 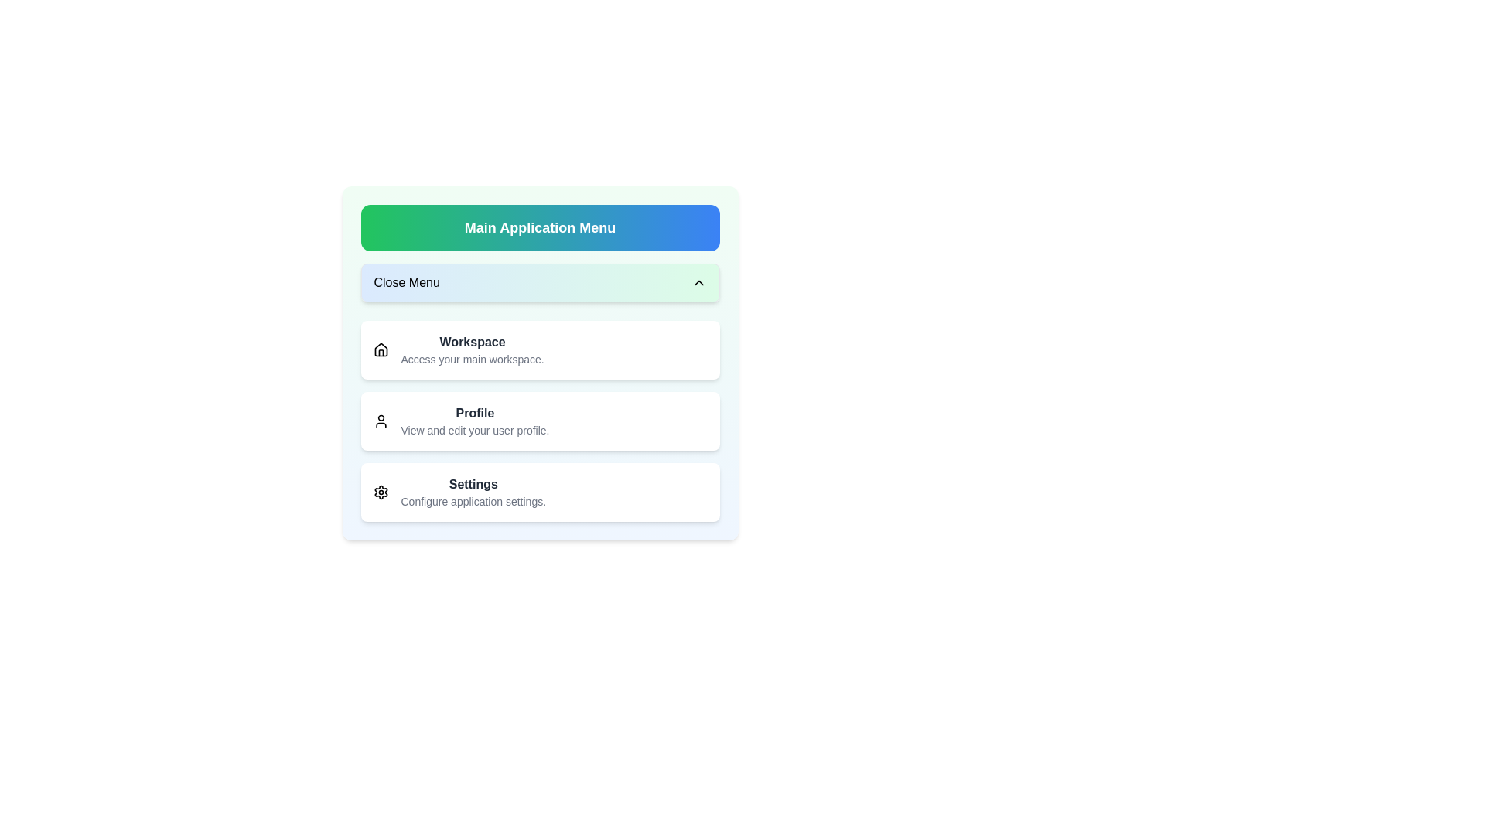 What do you see at coordinates (540, 492) in the screenshot?
I see `the menu item Settings from the options Workspace, Profile, or Settings` at bounding box center [540, 492].